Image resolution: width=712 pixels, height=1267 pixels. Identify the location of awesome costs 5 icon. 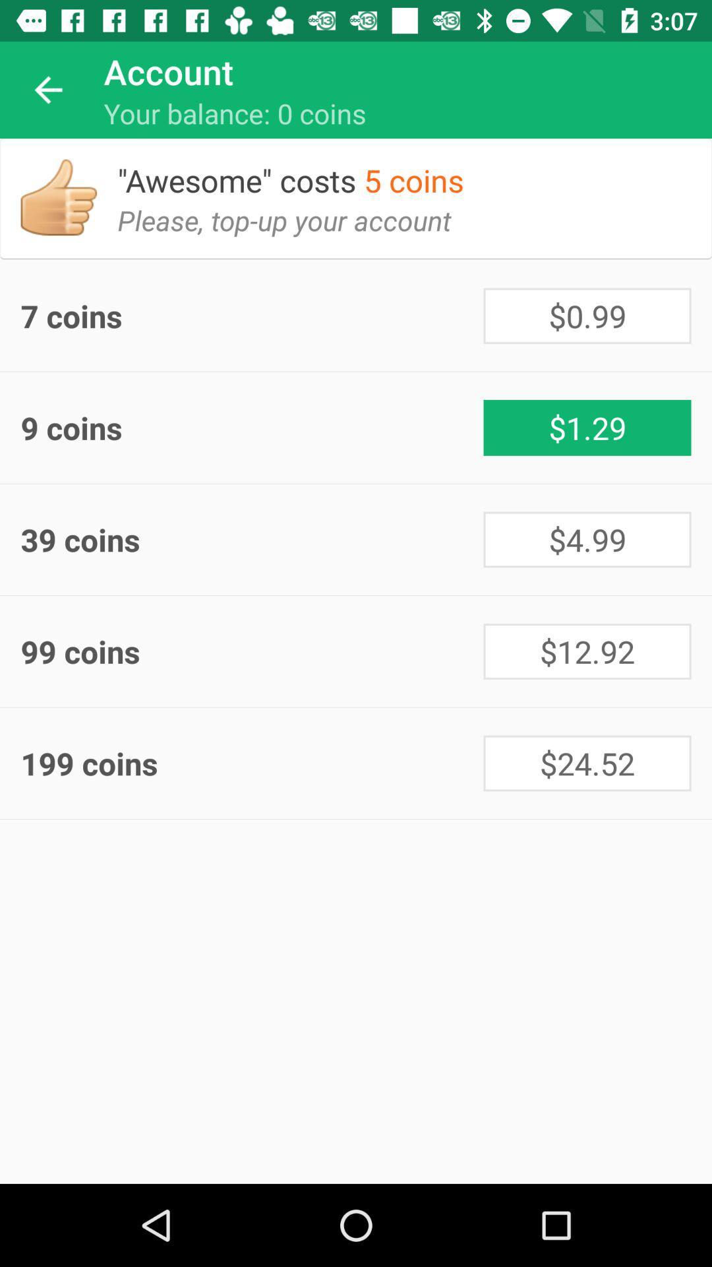
(301, 169).